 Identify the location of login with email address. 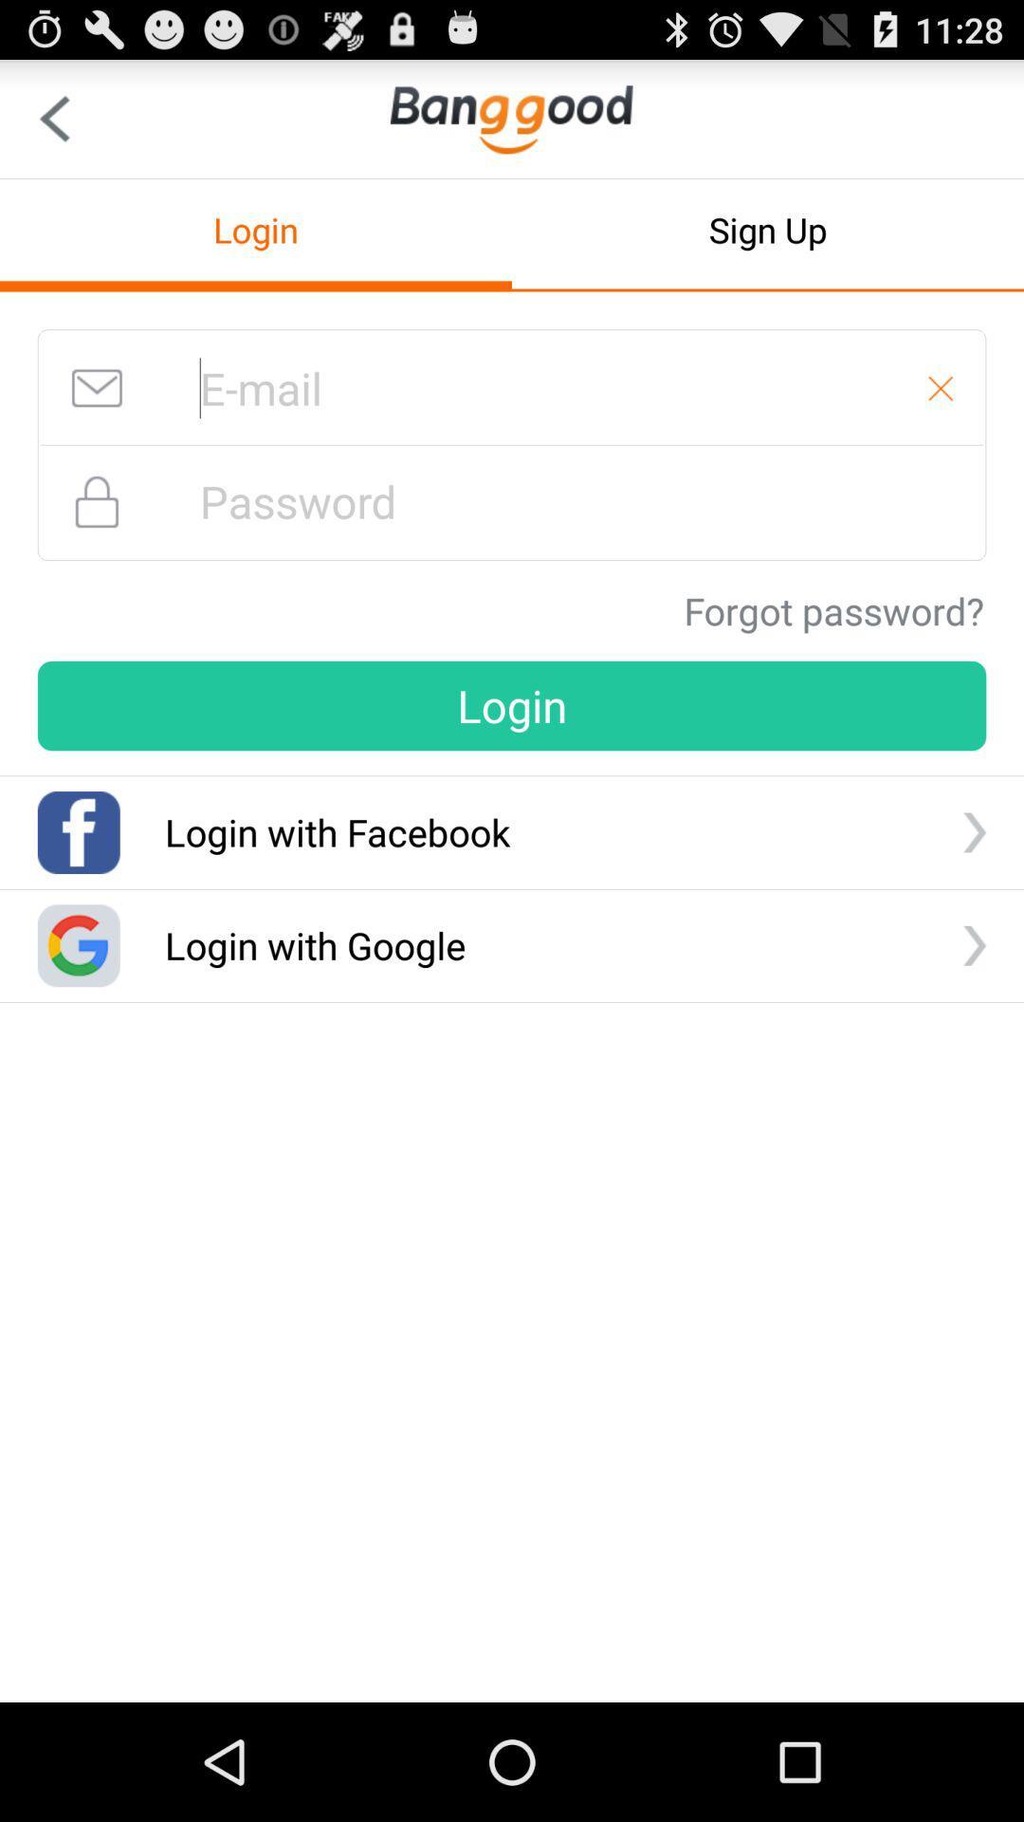
(512, 387).